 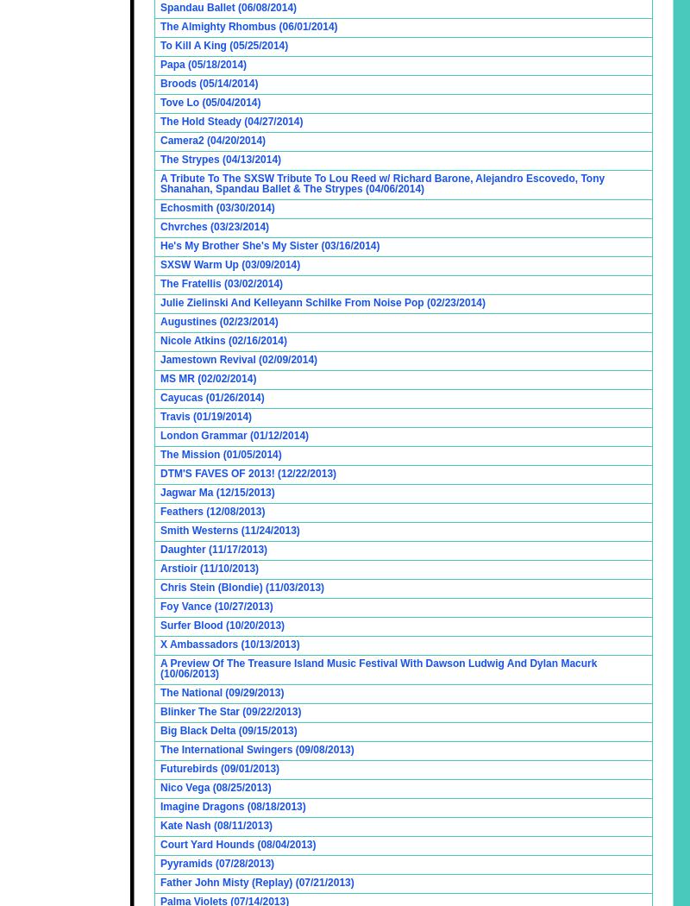 I want to click on 'Chris Stein (Blondie) (11/03/2013)', so click(x=242, y=588).